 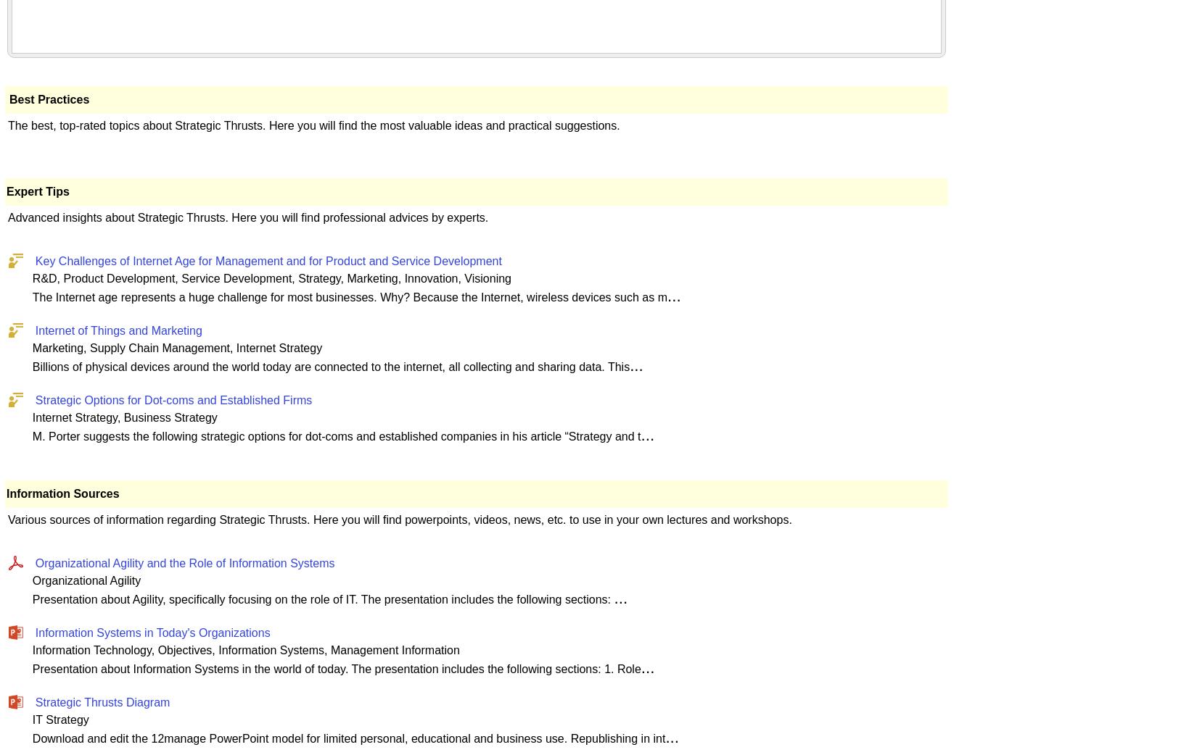 What do you see at coordinates (49, 99) in the screenshot?
I see `'Best Practices'` at bounding box center [49, 99].